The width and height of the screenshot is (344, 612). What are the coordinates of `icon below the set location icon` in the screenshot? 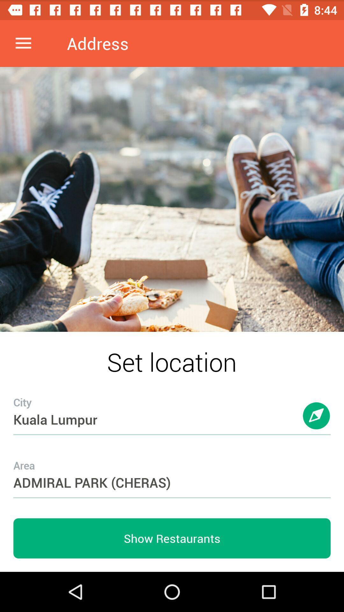 It's located at (172, 406).